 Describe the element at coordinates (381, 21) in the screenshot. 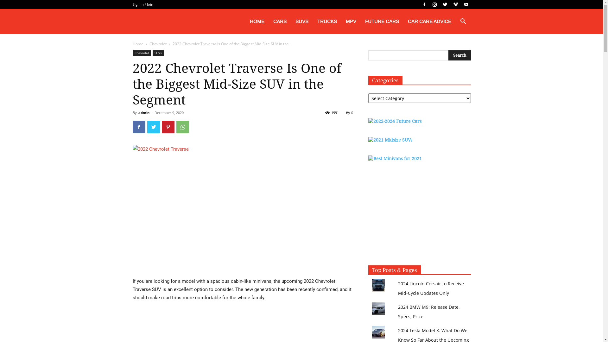

I see `'FUTURE CARS'` at that location.